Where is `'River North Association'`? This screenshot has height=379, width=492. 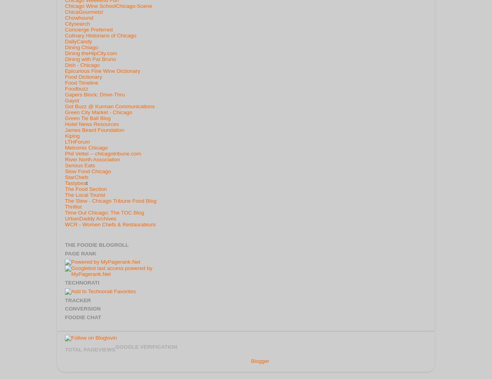
'River North Association' is located at coordinates (92, 159).